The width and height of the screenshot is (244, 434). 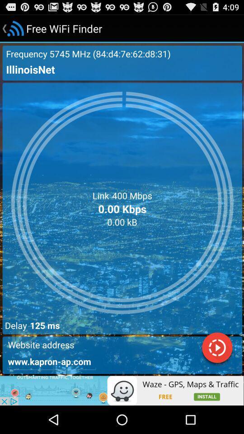 I want to click on the play icon, so click(x=216, y=373).